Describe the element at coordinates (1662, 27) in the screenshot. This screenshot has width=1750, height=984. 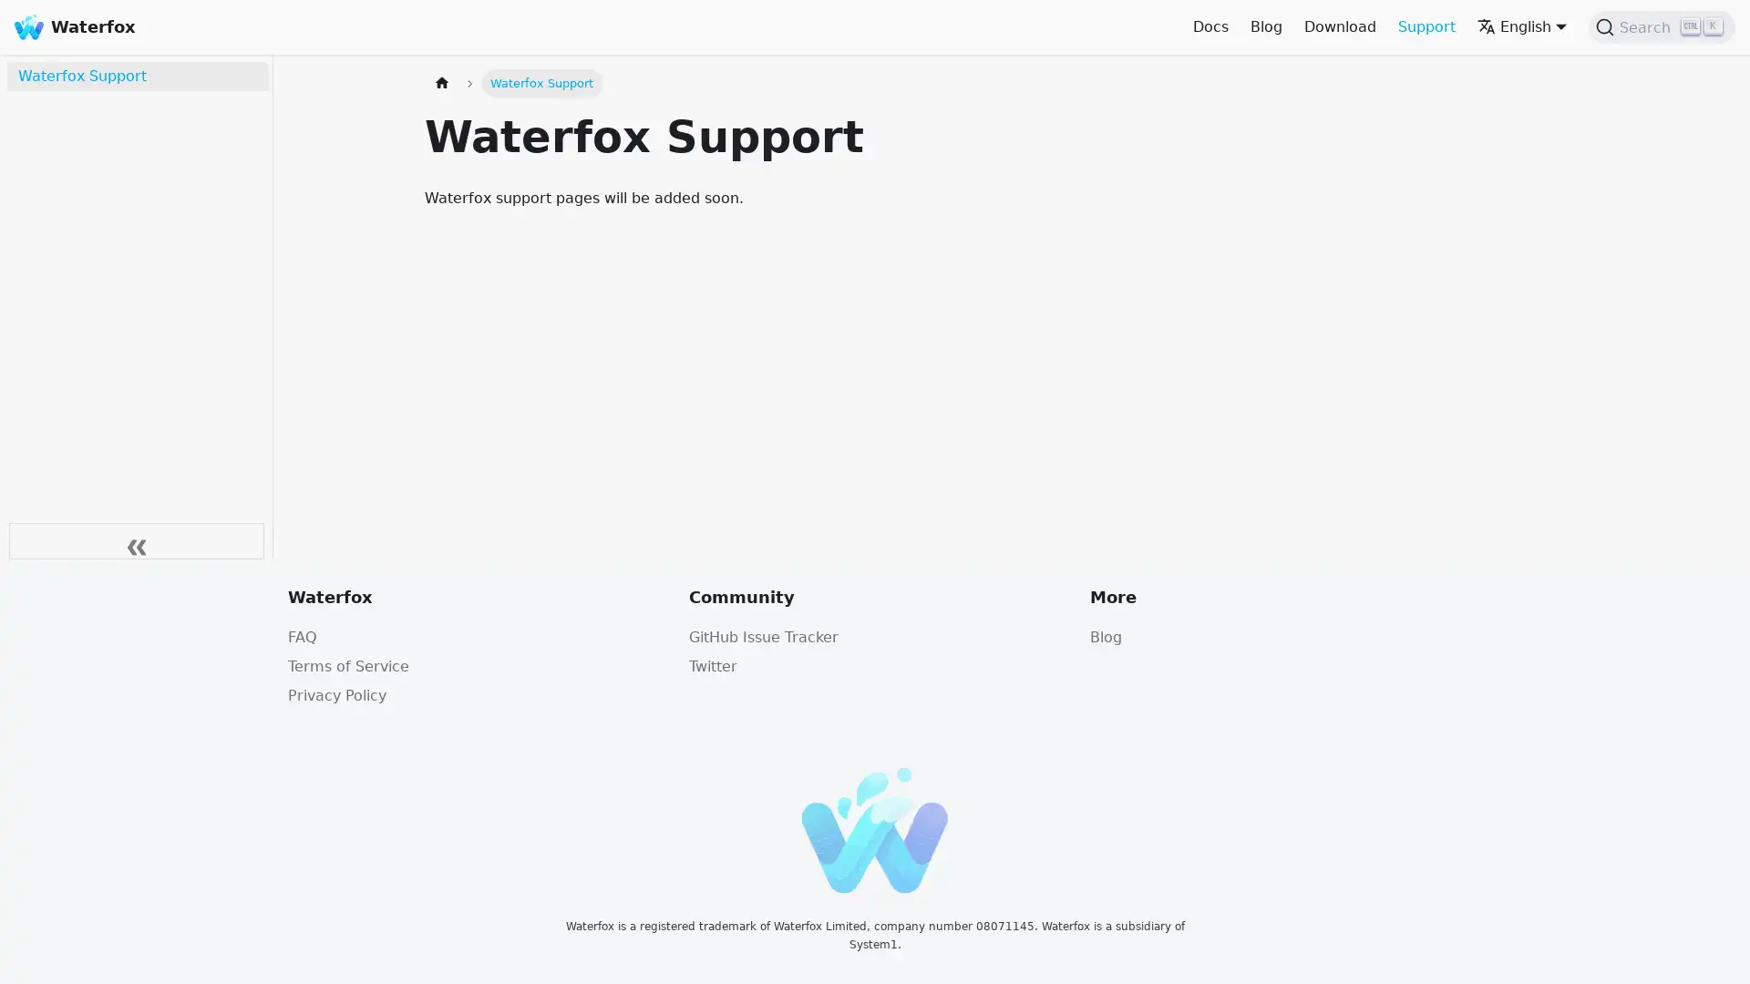
I see `Search` at that location.